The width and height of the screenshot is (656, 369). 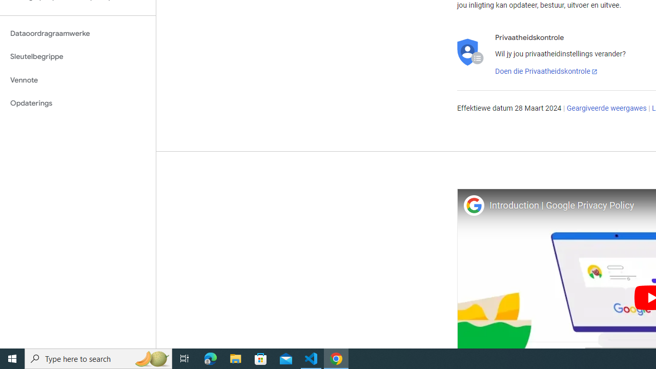 I want to click on 'Geargiveerde weergawes', so click(x=606, y=109).